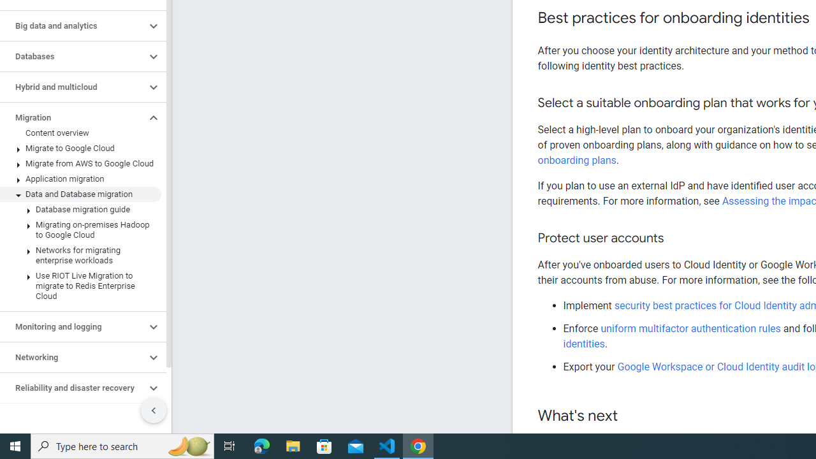  Describe the element at coordinates (80, 147) in the screenshot. I see `'Migrate to Google Cloud'` at that location.